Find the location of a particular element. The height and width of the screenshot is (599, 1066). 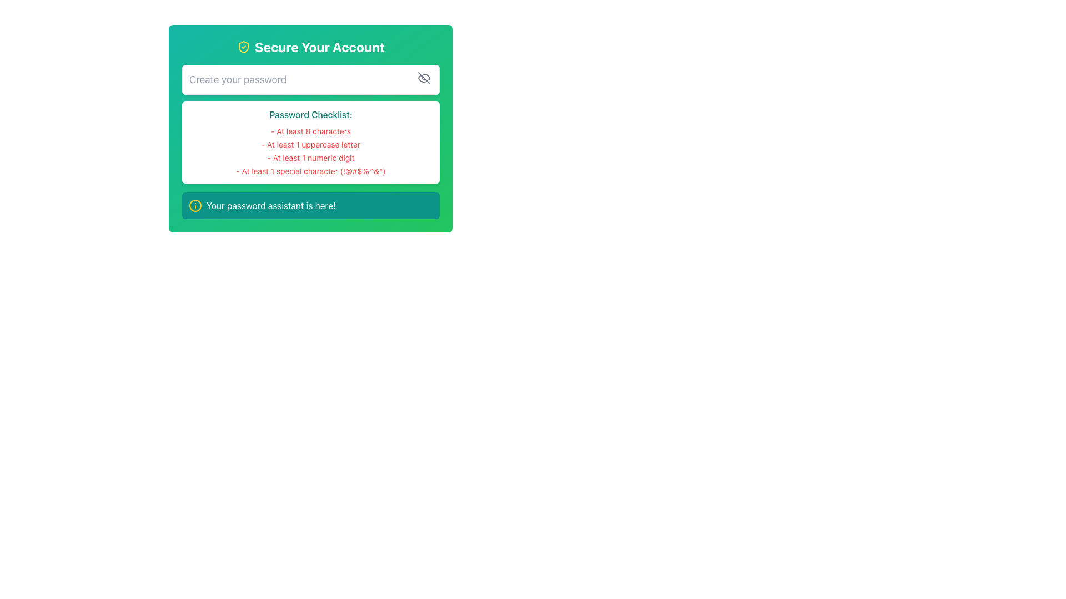

the graphical shield icon with a checkmark inside, which symbolizes security or verification, located in the top-left section of the card titled 'Secure Your Account' is located at coordinates (243, 46).